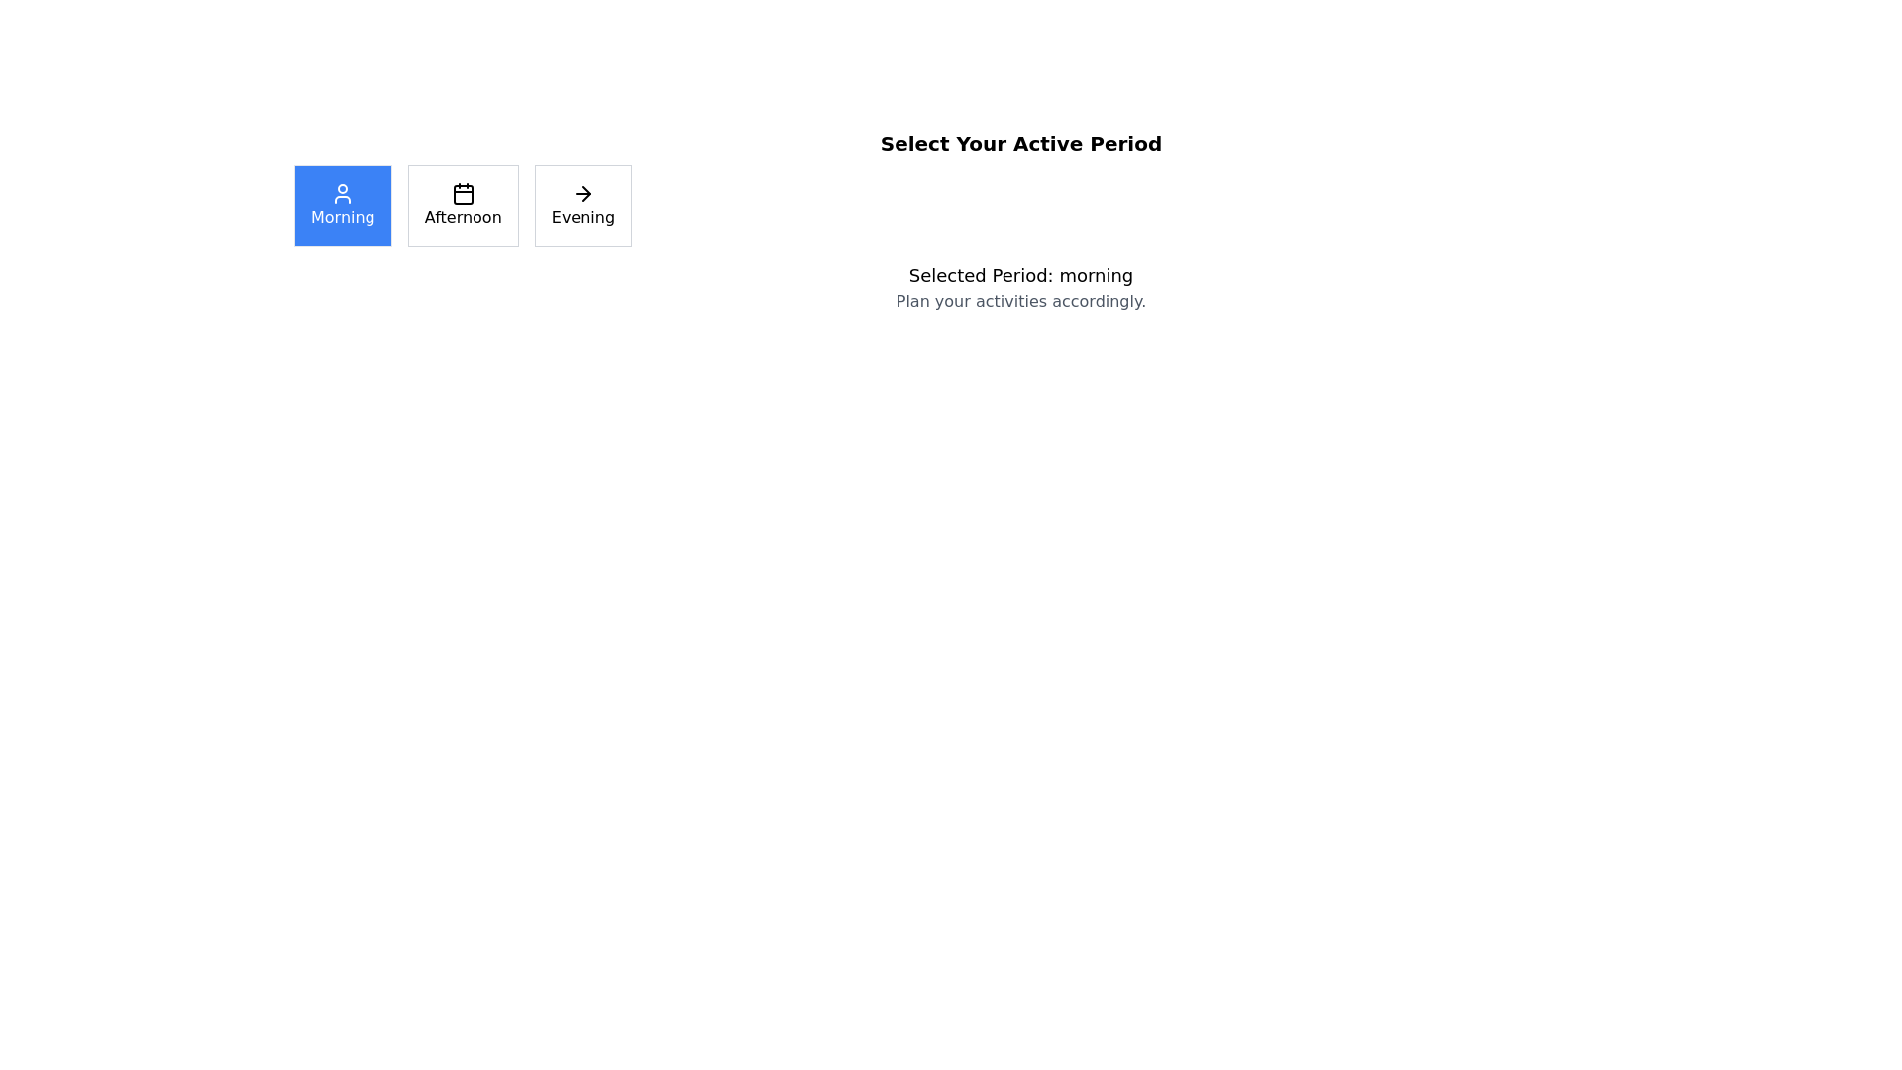 This screenshot has width=1902, height=1070. What do you see at coordinates (1021, 143) in the screenshot?
I see `the prominent header with the text 'Select Your Active Period' that is styled in a large, bold font, located at the top center of the content area` at bounding box center [1021, 143].